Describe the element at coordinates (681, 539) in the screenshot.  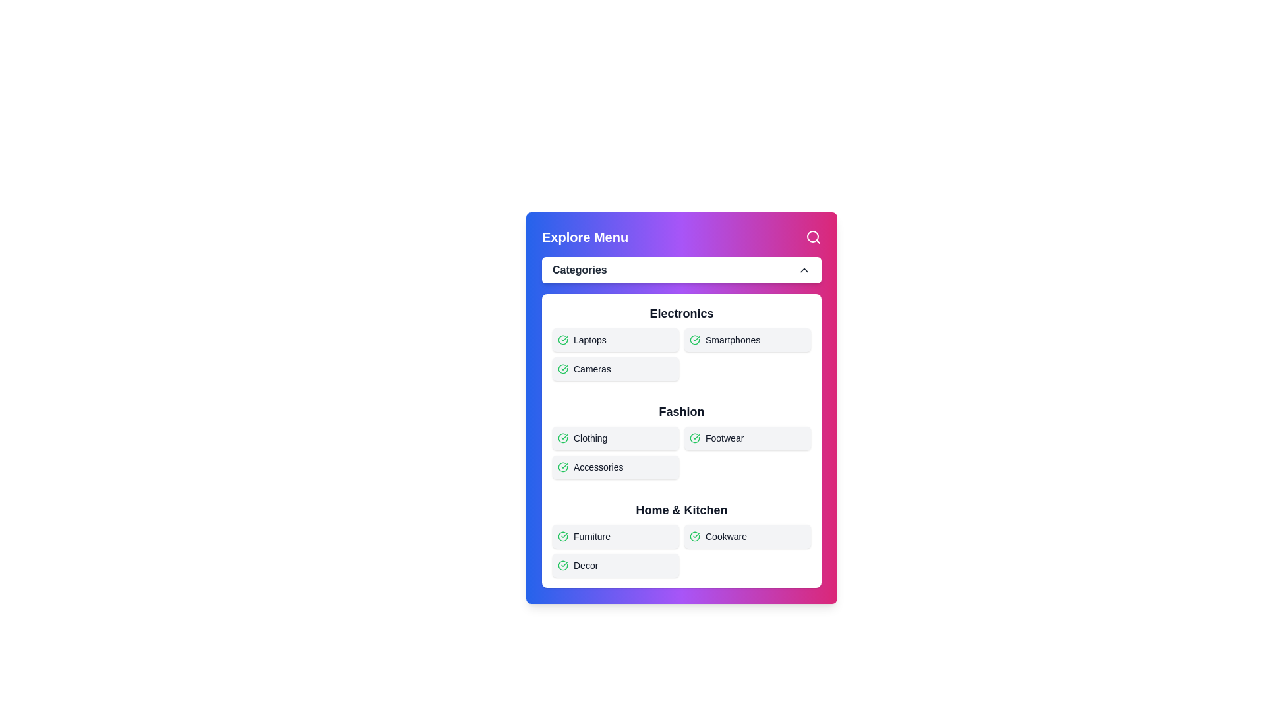
I see `the 'Home & Kitchen' category section, which contains subcategories like 'Furniture', 'Cookware', and 'Decor', positioned centrally within the card interface` at that location.